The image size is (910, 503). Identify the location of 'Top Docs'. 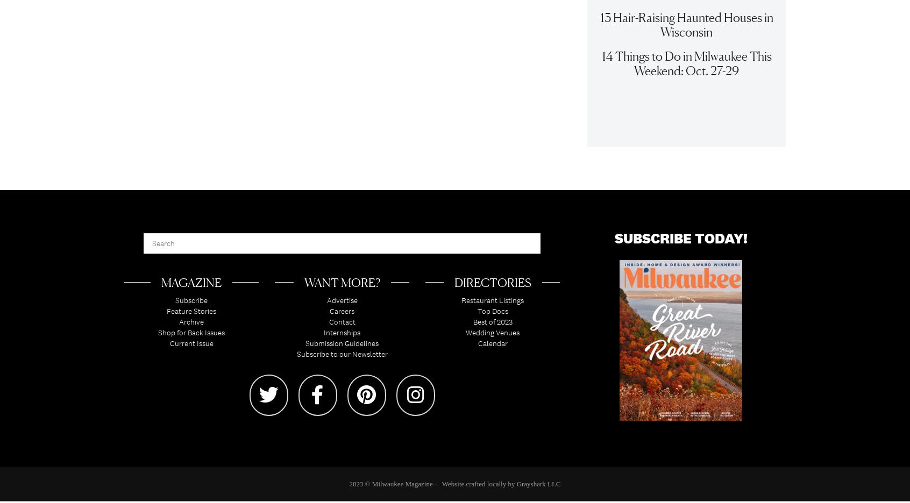
(492, 315).